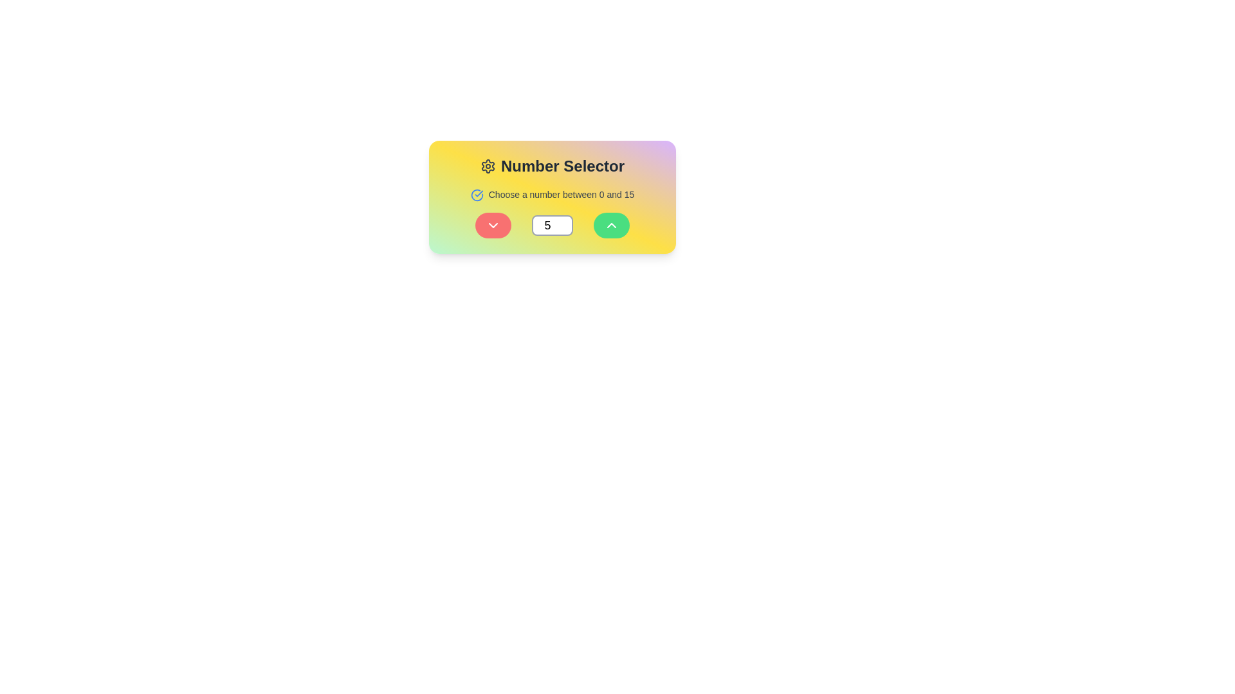 Image resolution: width=1235 pixels, height=694 pixels. I want to click on the status icon positioned to the left of the text 'Choose a number between 0 and 15' in the number selector interface, so click(476, 195).